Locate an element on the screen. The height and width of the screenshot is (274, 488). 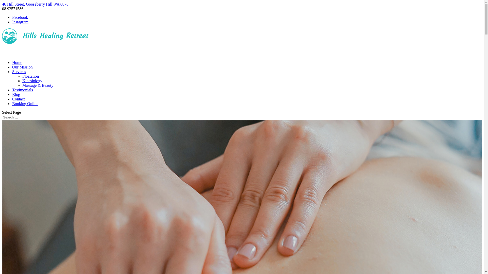
'Blog' is located at coordinates (16, 97).